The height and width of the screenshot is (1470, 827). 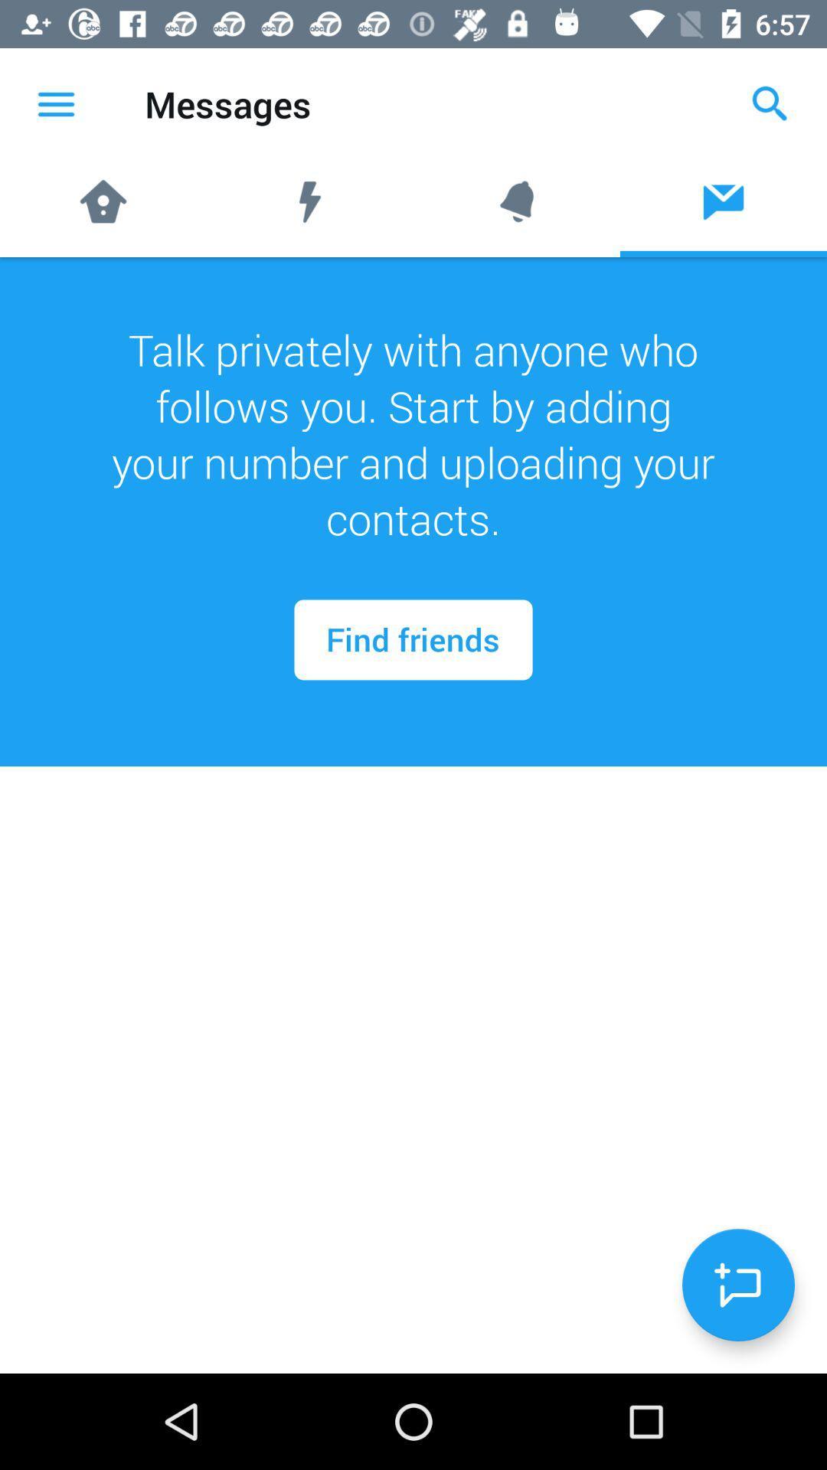 I want to click on the icon at the bottom right corner, so click(x=737, y=1285).